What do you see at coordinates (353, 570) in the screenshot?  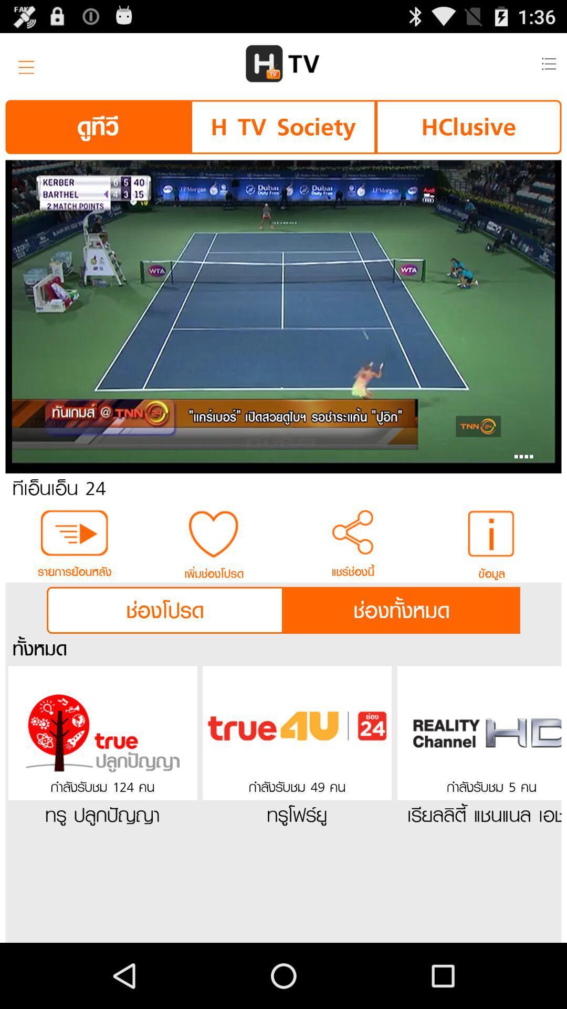 I see `the share icon` at bounding box center [353, 570].